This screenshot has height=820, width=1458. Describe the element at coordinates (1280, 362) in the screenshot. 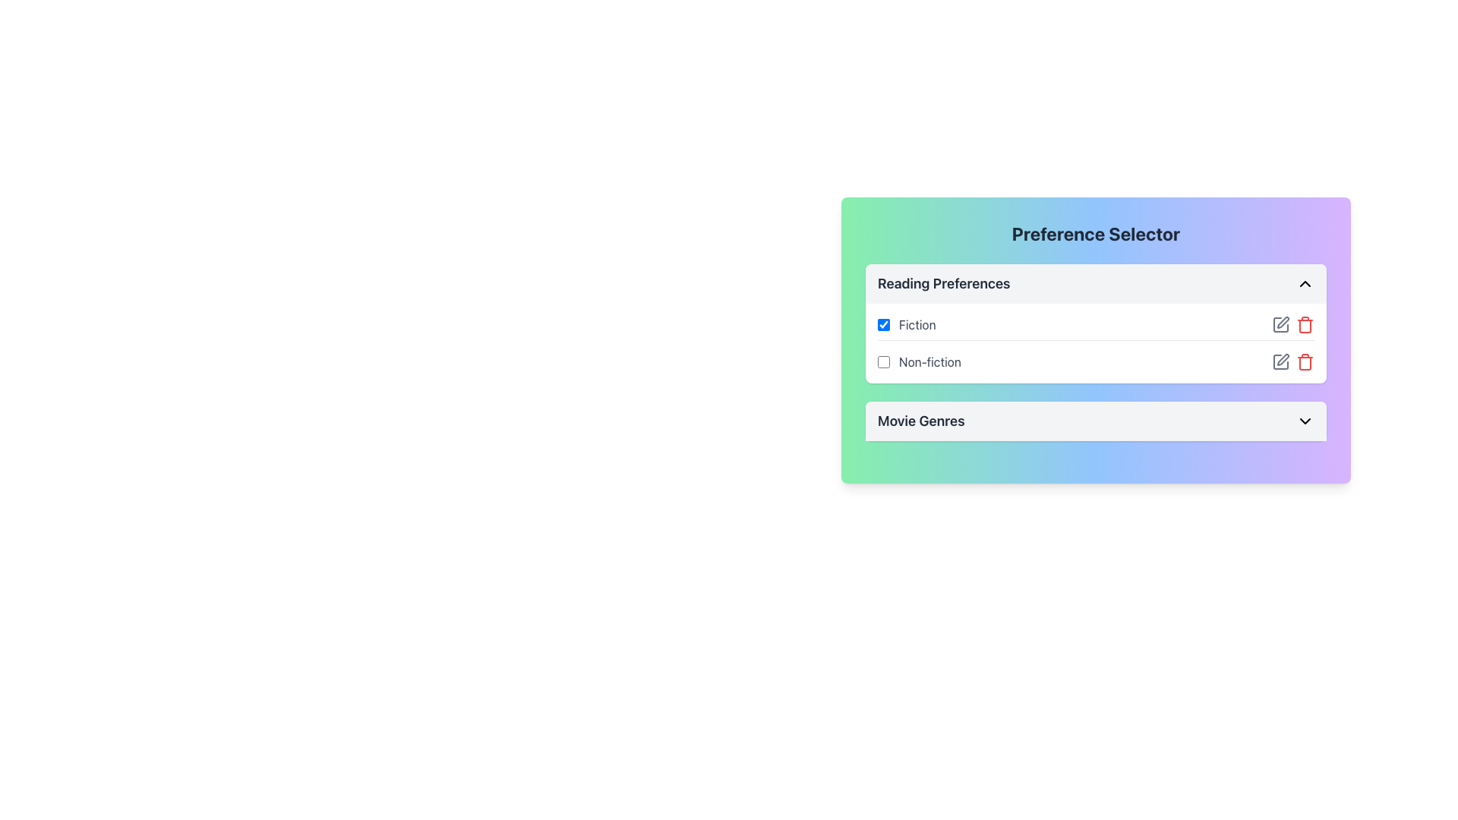

I see `the edit button for the 'Non-fiction' option in the 'Reading Preferences' section` at that location.